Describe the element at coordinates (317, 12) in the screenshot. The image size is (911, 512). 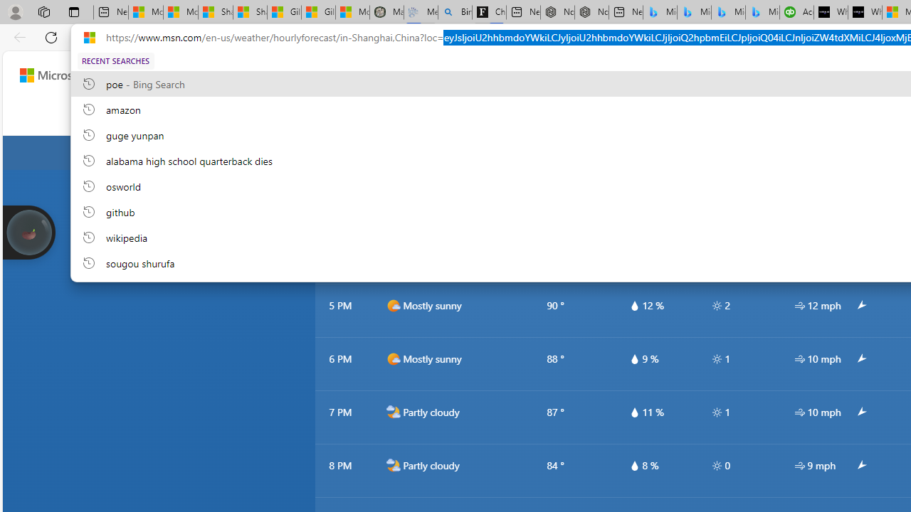
I see `'Gilma and Hector both pose tropical trouble for Hawaii'` at that location.